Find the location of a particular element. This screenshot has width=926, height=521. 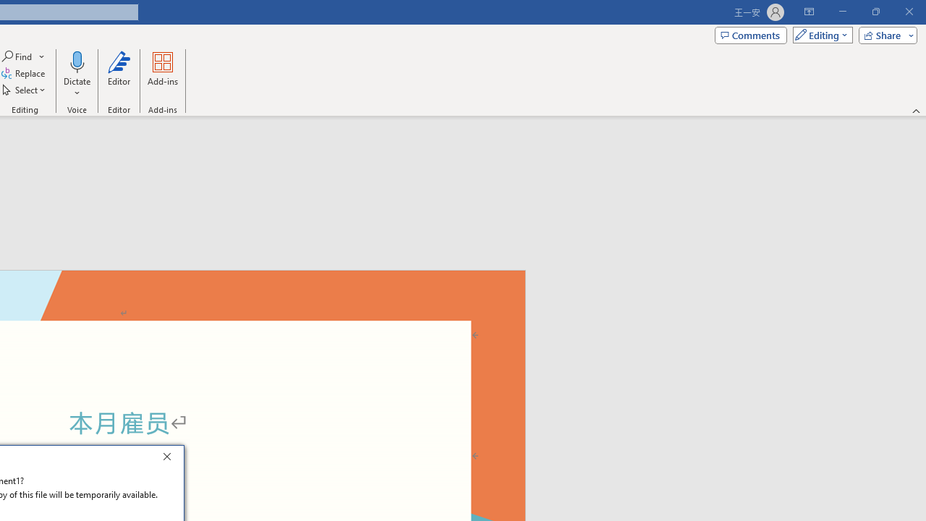

'Restore Down' is located at coordinates (875, 12).